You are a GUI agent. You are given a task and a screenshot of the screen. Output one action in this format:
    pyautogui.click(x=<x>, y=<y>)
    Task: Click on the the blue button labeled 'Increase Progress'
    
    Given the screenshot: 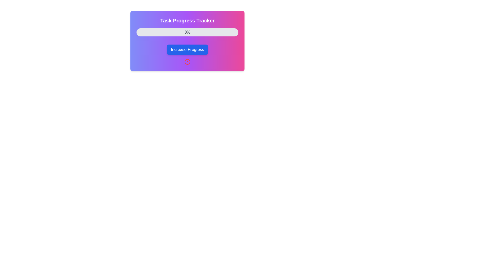 What is the action you would take?
    pyautogui.click(x=187, y=50)
    